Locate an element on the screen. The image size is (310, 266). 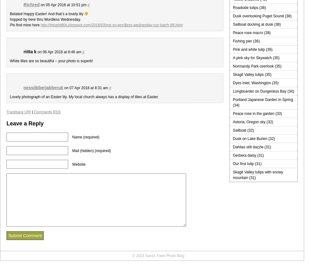
'Comments RSS' is located at coordinates (47, 111).